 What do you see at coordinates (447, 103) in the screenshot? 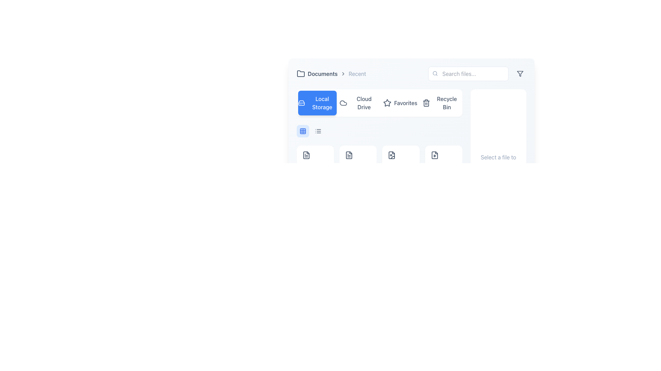
I see `the 'Recycle Bin' text label in the navigation bar` at bounding box center [447, 103].